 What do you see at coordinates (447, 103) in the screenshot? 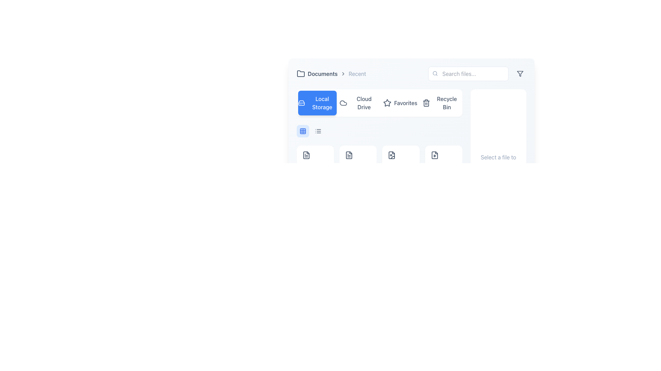
I see `the 'Recycle Bin' text label in the navigation bar` at bounding box center [447, 103].